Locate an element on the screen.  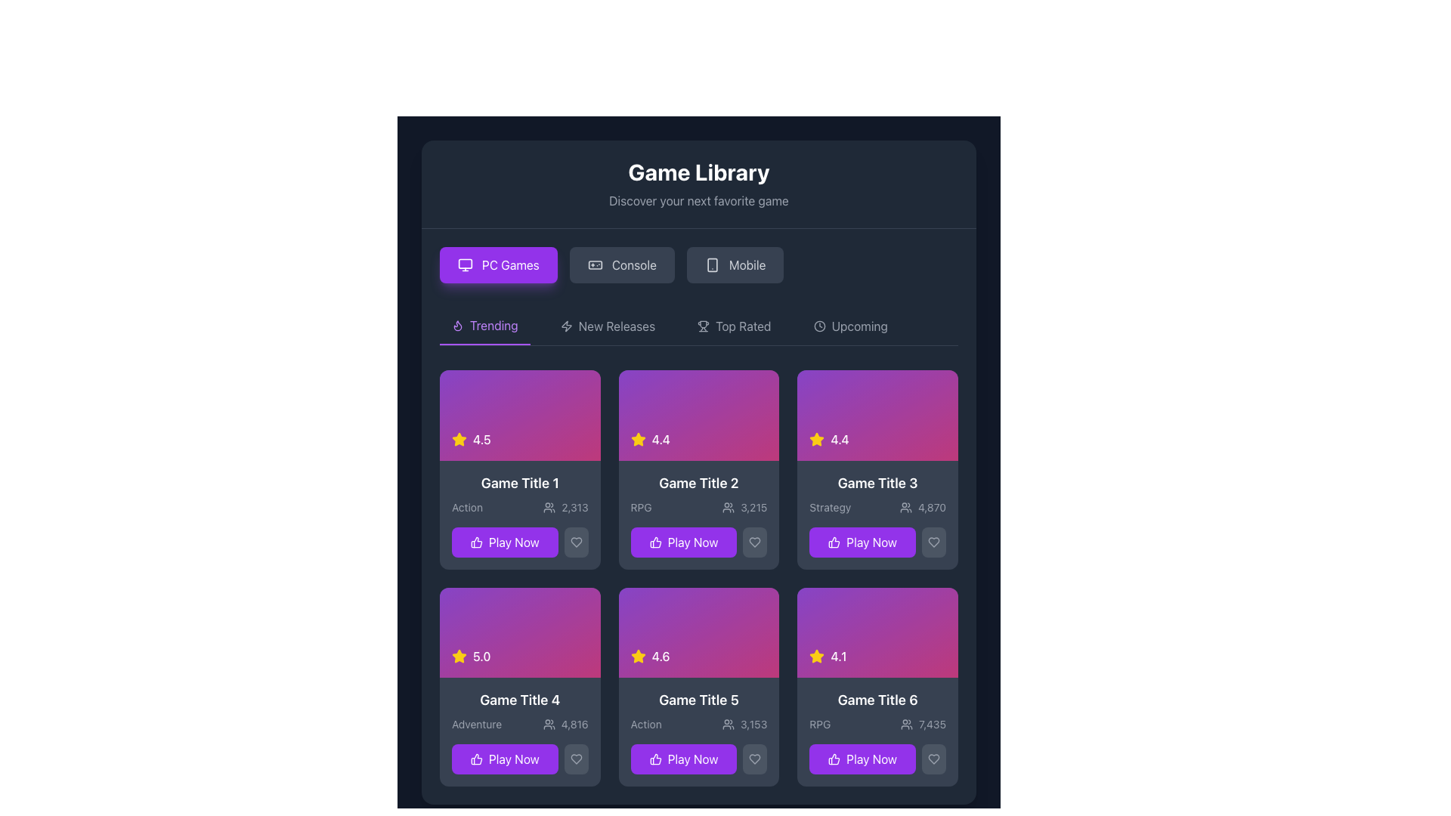
the heart-shaped icon button located at the bottom of the 'Game Title 5' card in the Game Library interface is located at coordinates (755, 759).